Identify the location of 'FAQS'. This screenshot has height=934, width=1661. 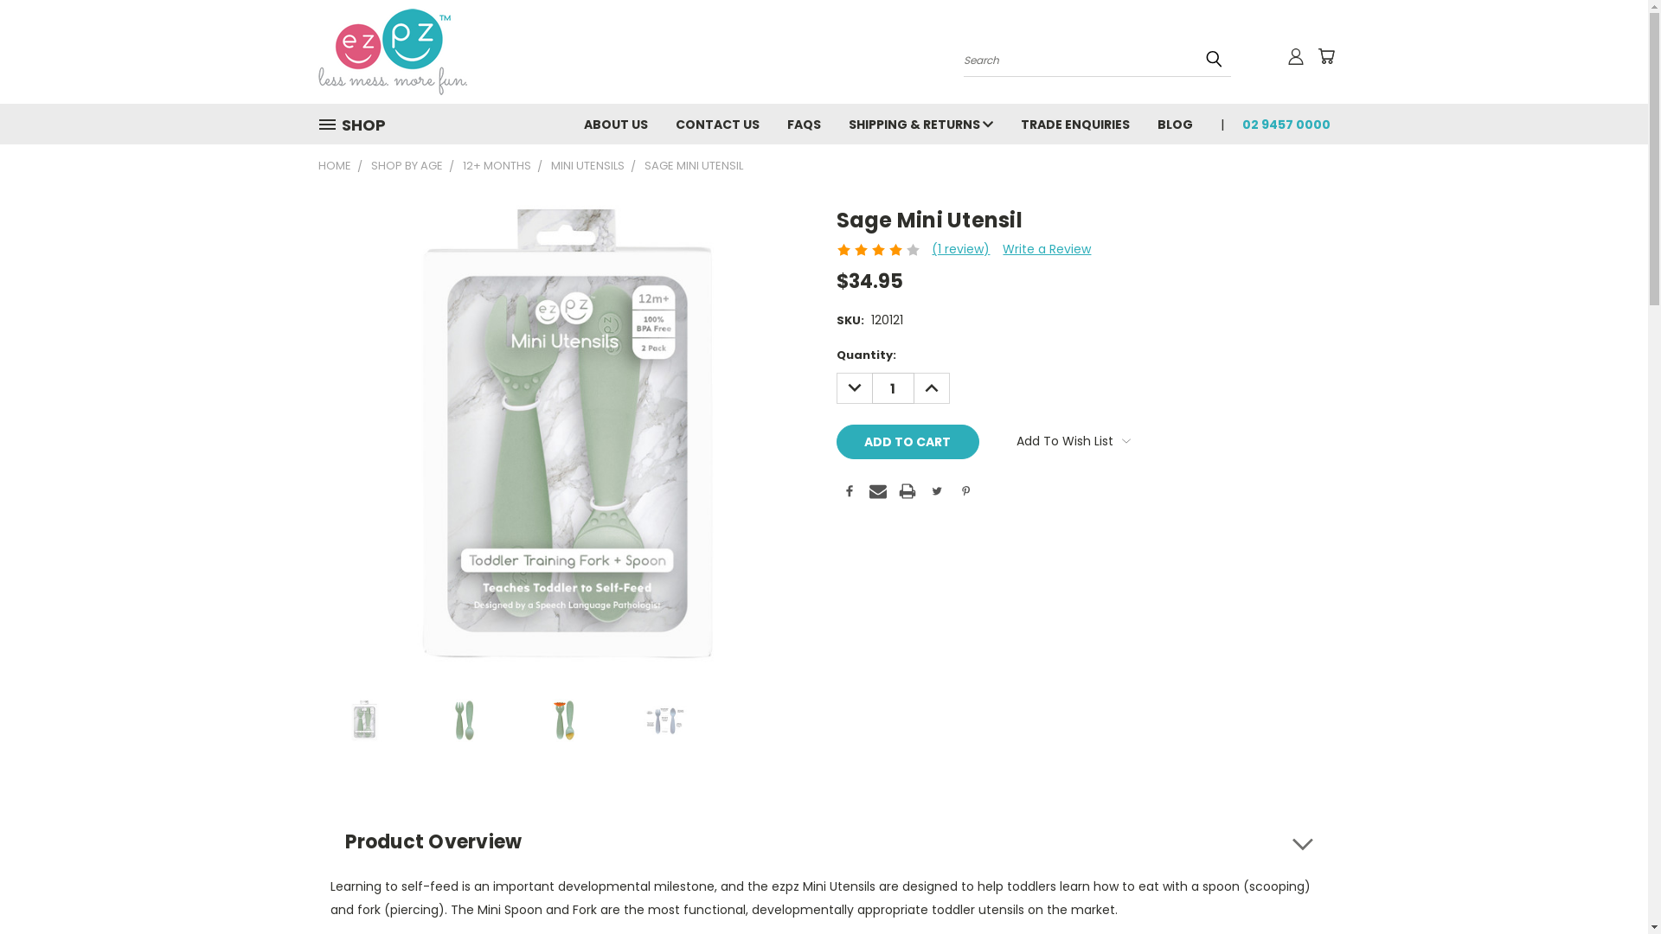
(803, 122).